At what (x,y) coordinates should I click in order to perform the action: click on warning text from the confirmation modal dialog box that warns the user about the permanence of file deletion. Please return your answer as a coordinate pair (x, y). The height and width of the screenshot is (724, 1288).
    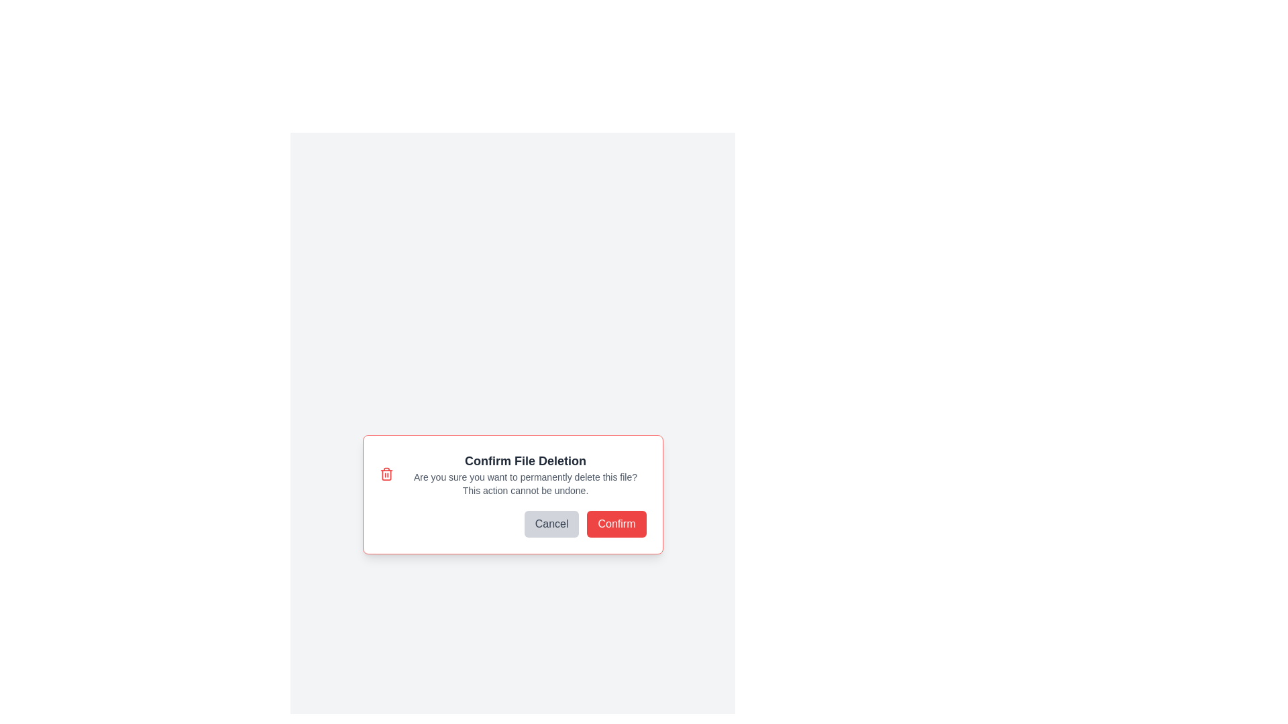
    Looking at the image, I should click on (512, 494).